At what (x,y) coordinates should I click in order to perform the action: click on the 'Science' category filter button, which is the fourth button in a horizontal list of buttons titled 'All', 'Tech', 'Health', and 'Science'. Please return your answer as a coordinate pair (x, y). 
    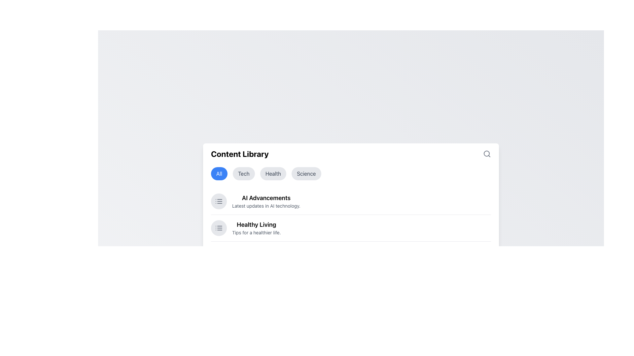
    Looking at the image, I should click on (306, 173).